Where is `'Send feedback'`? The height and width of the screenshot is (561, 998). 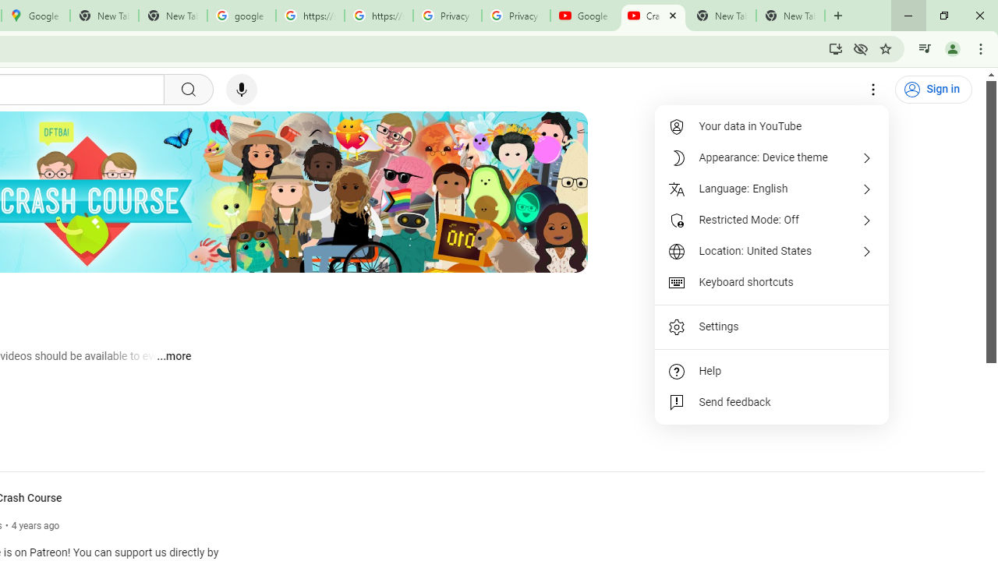
'Send feedback' is located at coordinates (772, 401).